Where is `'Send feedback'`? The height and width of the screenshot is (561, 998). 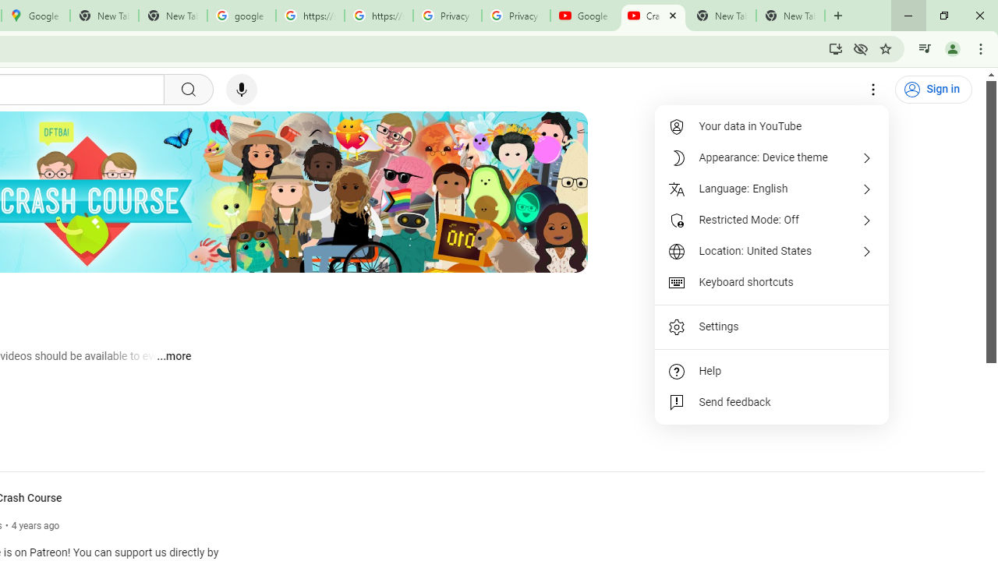
'Send feedback' is located at coordinates (772, 401).